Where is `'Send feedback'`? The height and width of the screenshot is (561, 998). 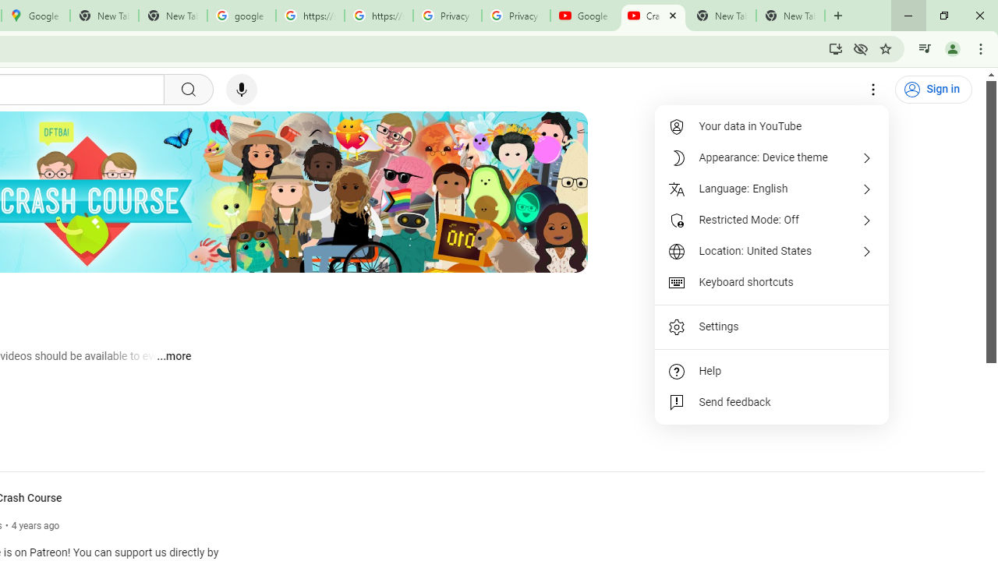
'Send feedback' is located at coordinates (772, 401).